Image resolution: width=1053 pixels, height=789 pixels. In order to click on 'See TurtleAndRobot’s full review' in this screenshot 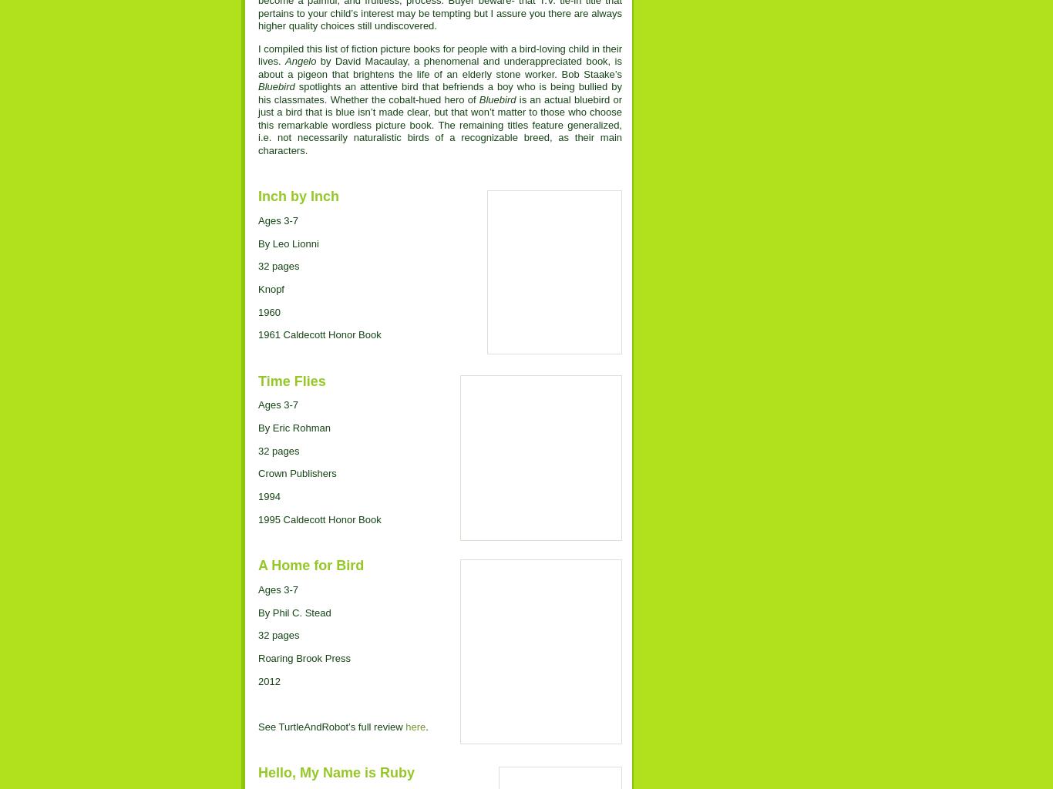, I will do `click(331, 726)`.